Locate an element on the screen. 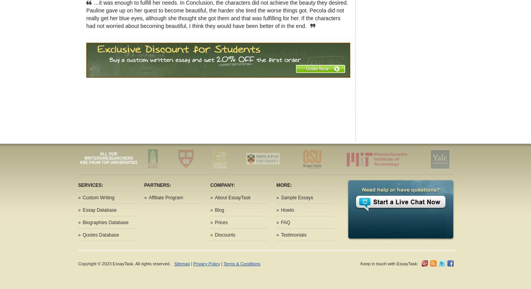 The image size is (531, 289). 'Discounts' is located at coordinates (224, 235).